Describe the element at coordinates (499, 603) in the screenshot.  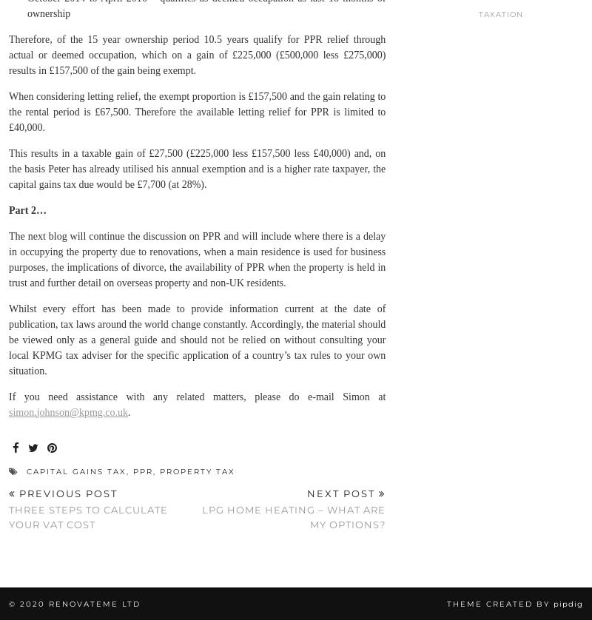
I see `'Theme created by'` at that location.